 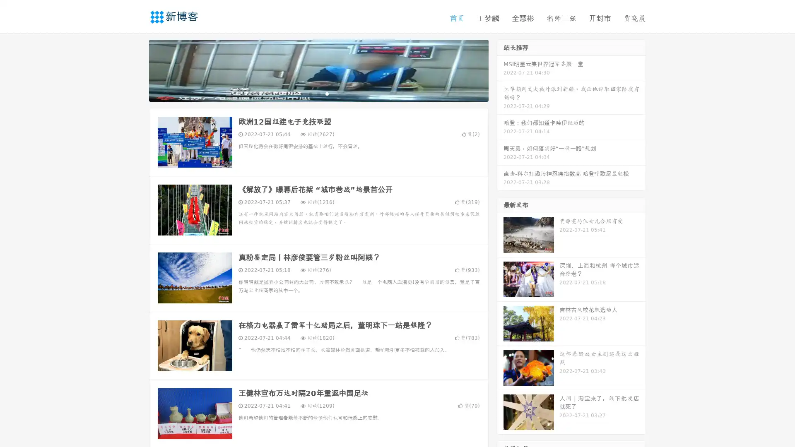 What do you see at coordinates (327, 93) in the screenshot?
I see `Go to slide 3` at bounding box center [327, 93].